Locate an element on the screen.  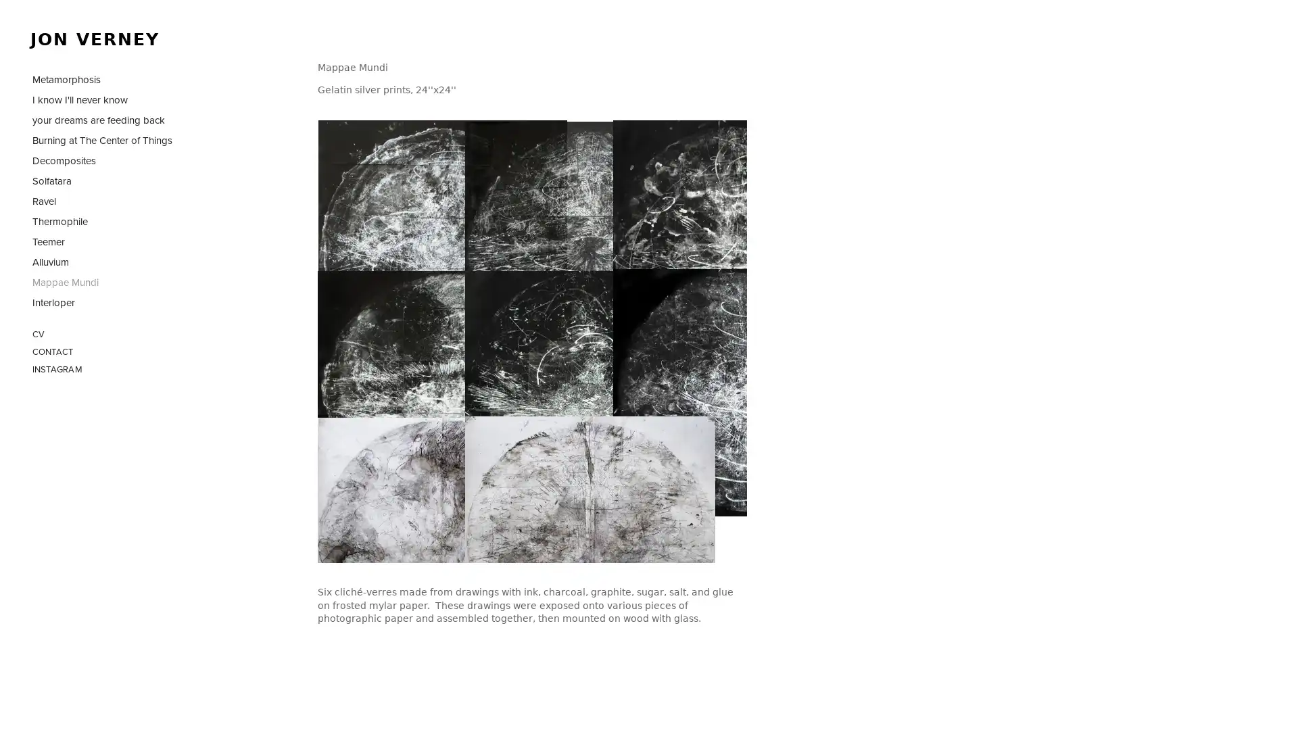
View fullsize DSC_0635.jpg is located at coordinates (679, 187).